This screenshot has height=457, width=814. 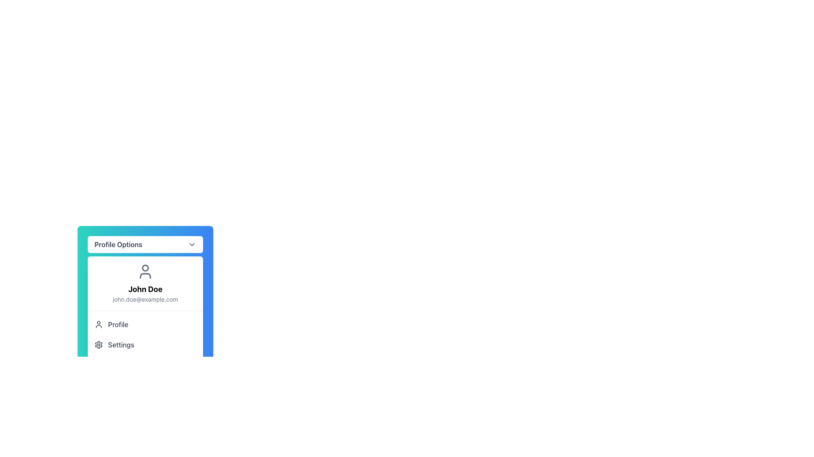 What do you see at coordinates (145, 299) in the screenshot?
I see `text displayed in the email address label located directly beneath 'John Doe' in the dropdown menu` at bounding box center [145, 299].